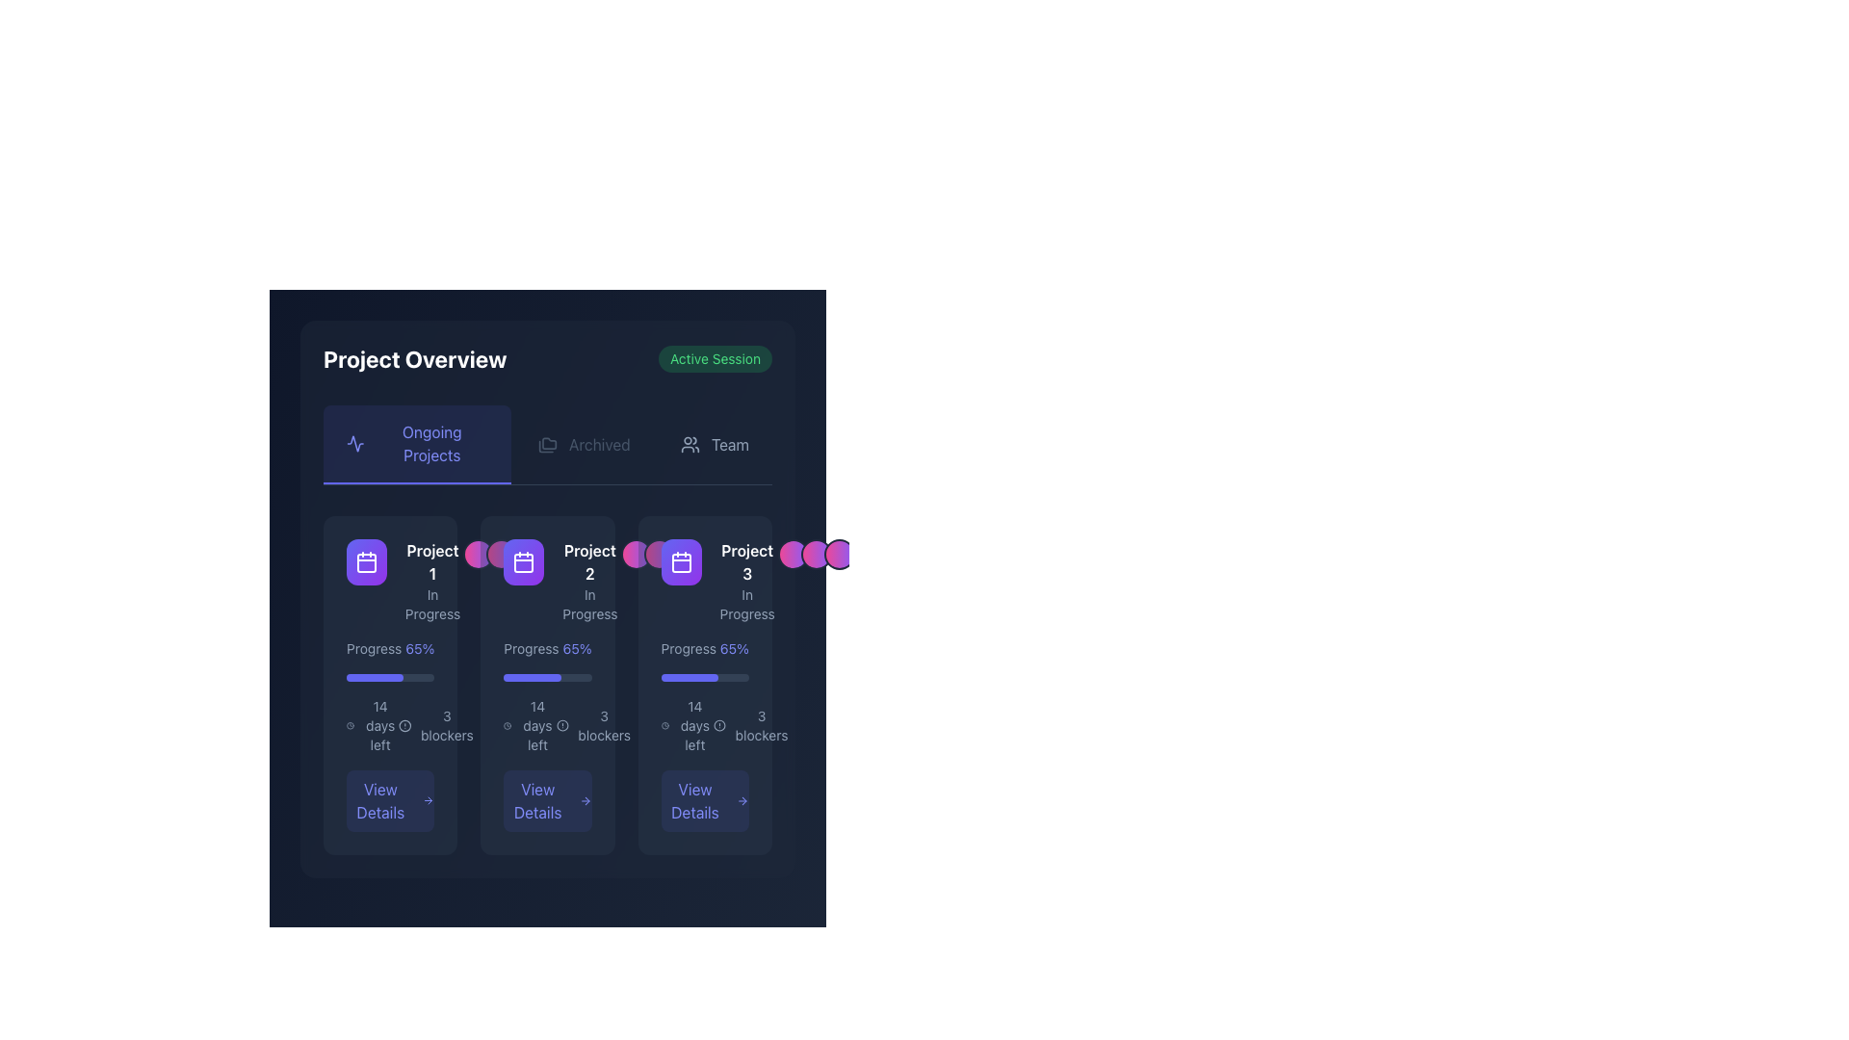 Image resolution: width=1849 pixels, height=1040 pixels. I want to click on the 'View Details' button, so click(704, 801).